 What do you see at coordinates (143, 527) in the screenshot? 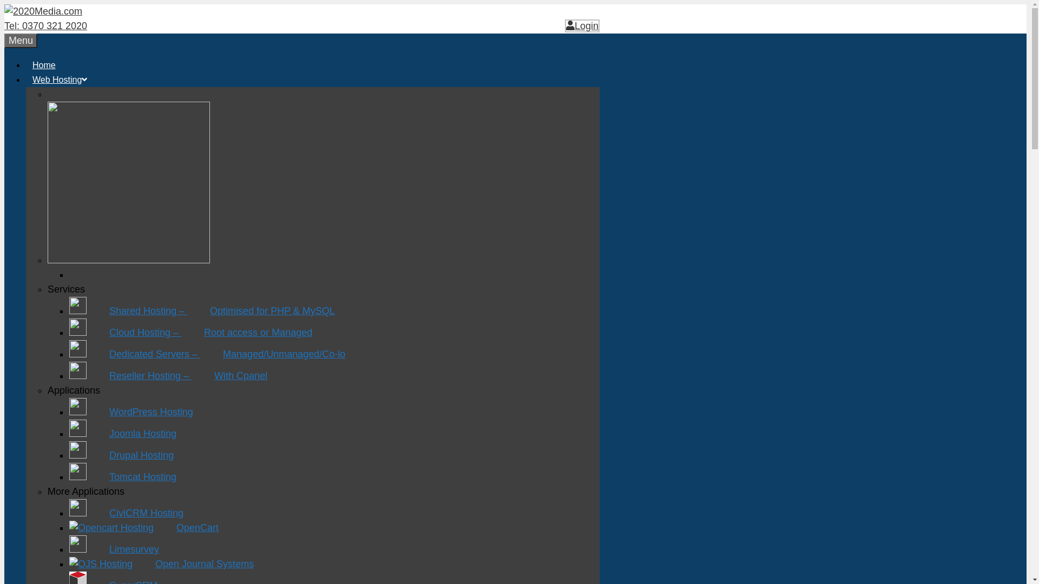
I see `'OpenCart'` at bounding box center [143, 527].